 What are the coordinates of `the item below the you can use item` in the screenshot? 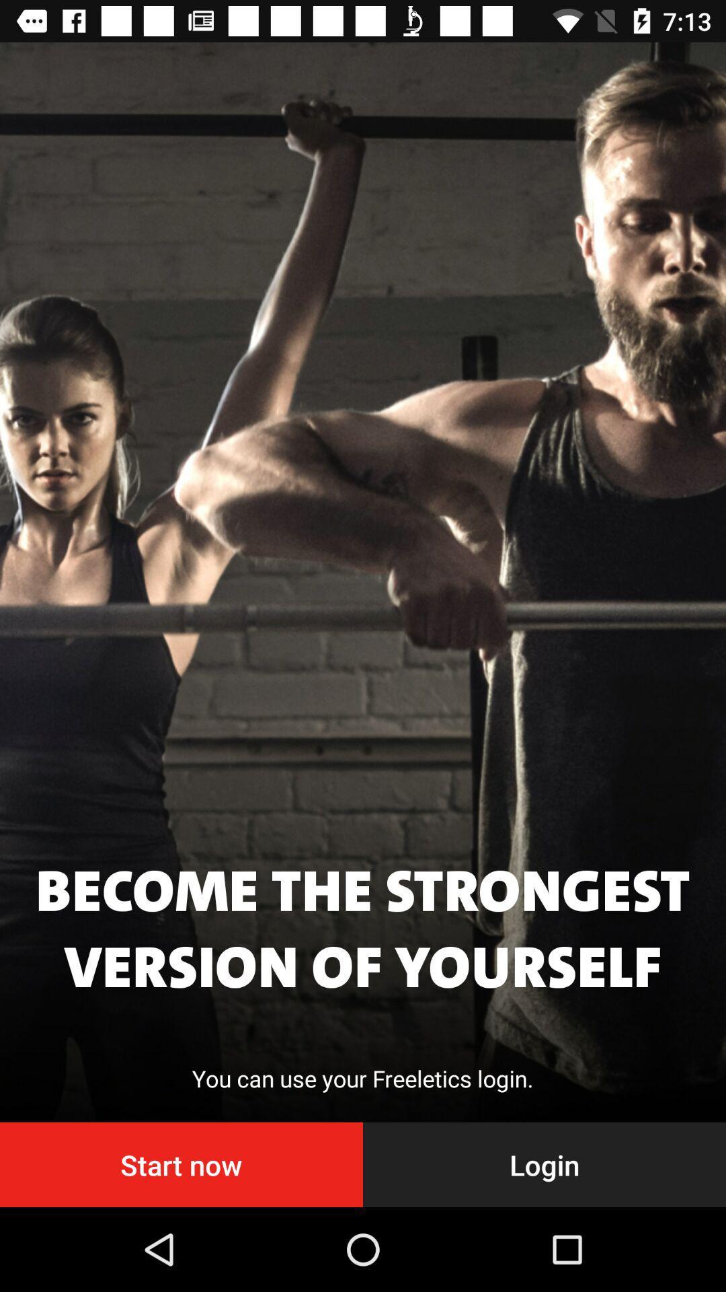 It's located at (182, 1164).